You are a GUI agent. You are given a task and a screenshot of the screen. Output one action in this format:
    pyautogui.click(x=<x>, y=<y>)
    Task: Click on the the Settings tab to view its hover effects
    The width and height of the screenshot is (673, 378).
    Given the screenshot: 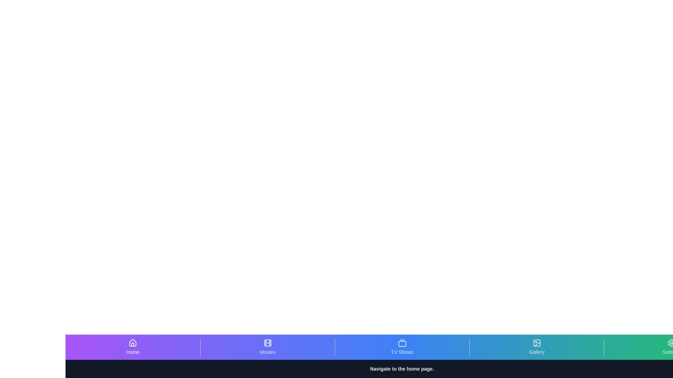 What is the action you would take?
    pyautogui.click(x=671, y=347)
    